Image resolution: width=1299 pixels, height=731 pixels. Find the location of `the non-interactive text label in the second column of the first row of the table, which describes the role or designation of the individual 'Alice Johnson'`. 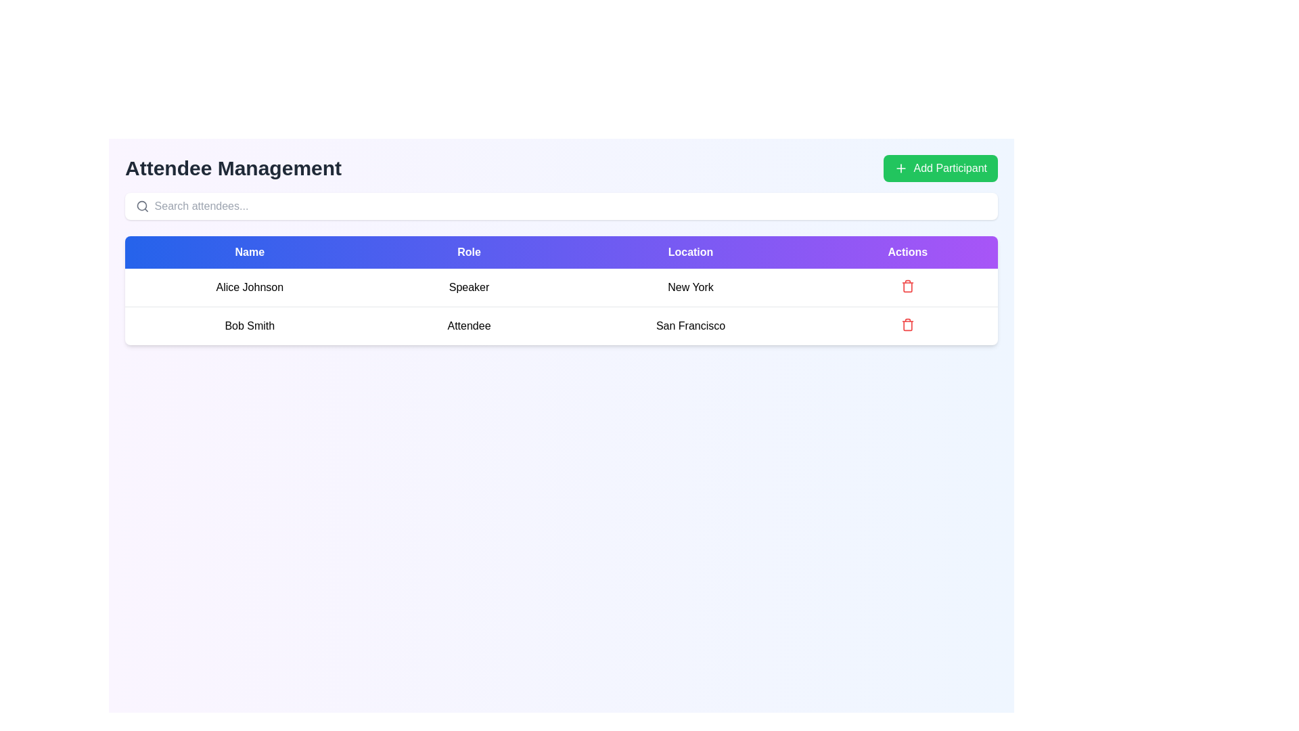

the non-interactive text label in the second column of the first row of the table, which describes the role or designation of the individual 'Alice Johnson' is located at coordinates (469, 287).